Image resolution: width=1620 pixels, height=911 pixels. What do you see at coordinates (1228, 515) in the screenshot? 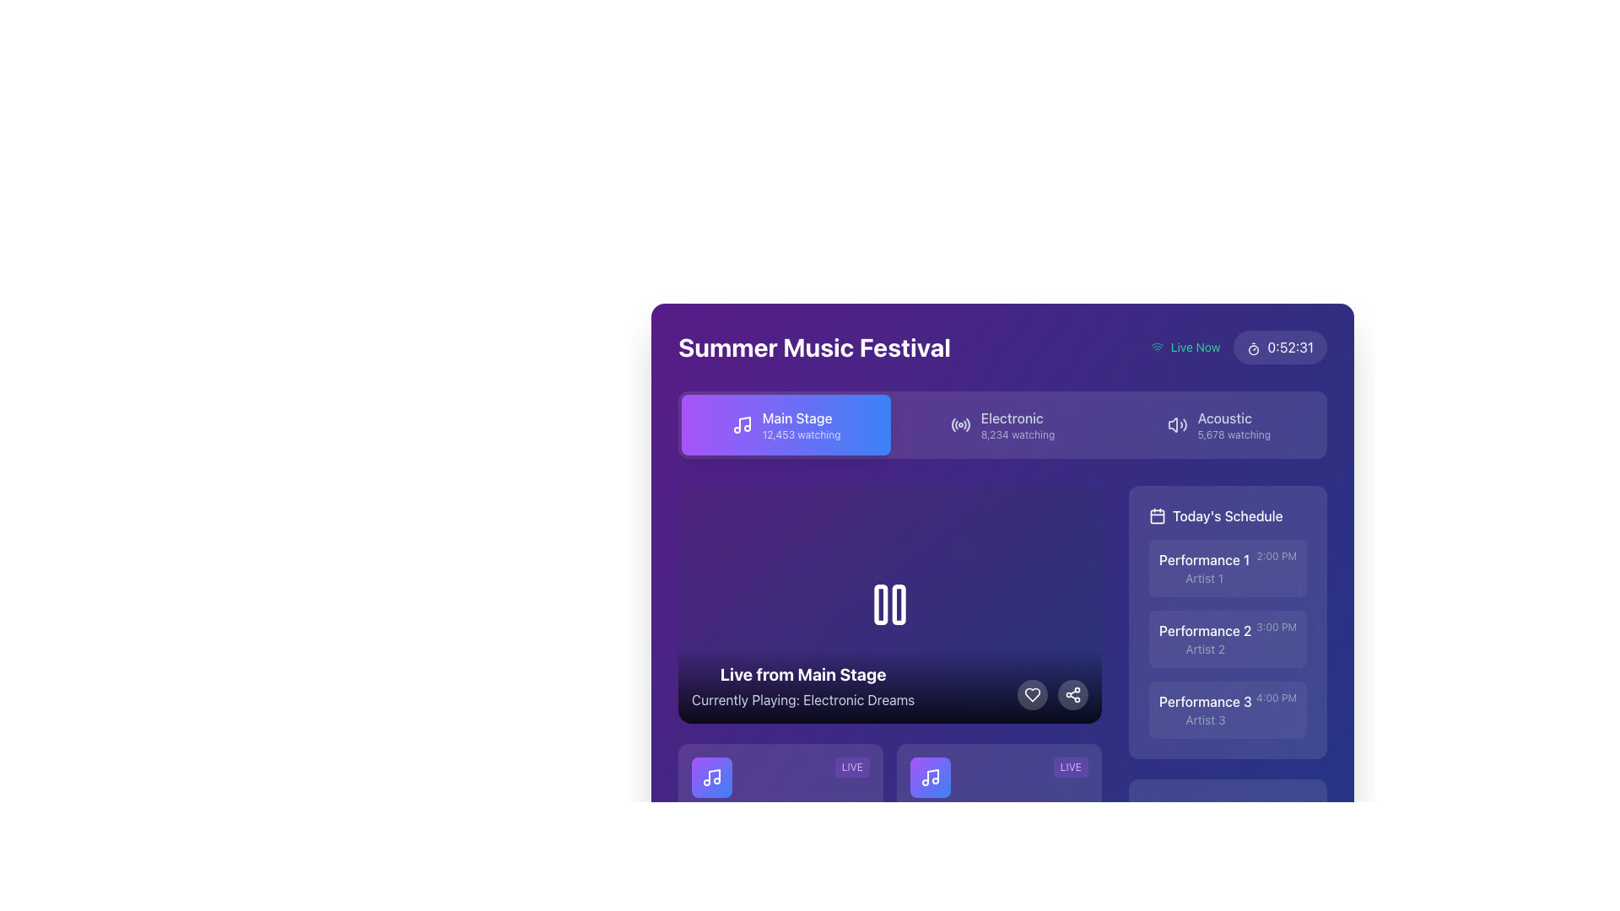
I see `the 'Today's Schedule' text label with the calendar icon in the sidebar's schedule section, which is positioned near the top of its card-like layout` at bounding box center [1228, 515].